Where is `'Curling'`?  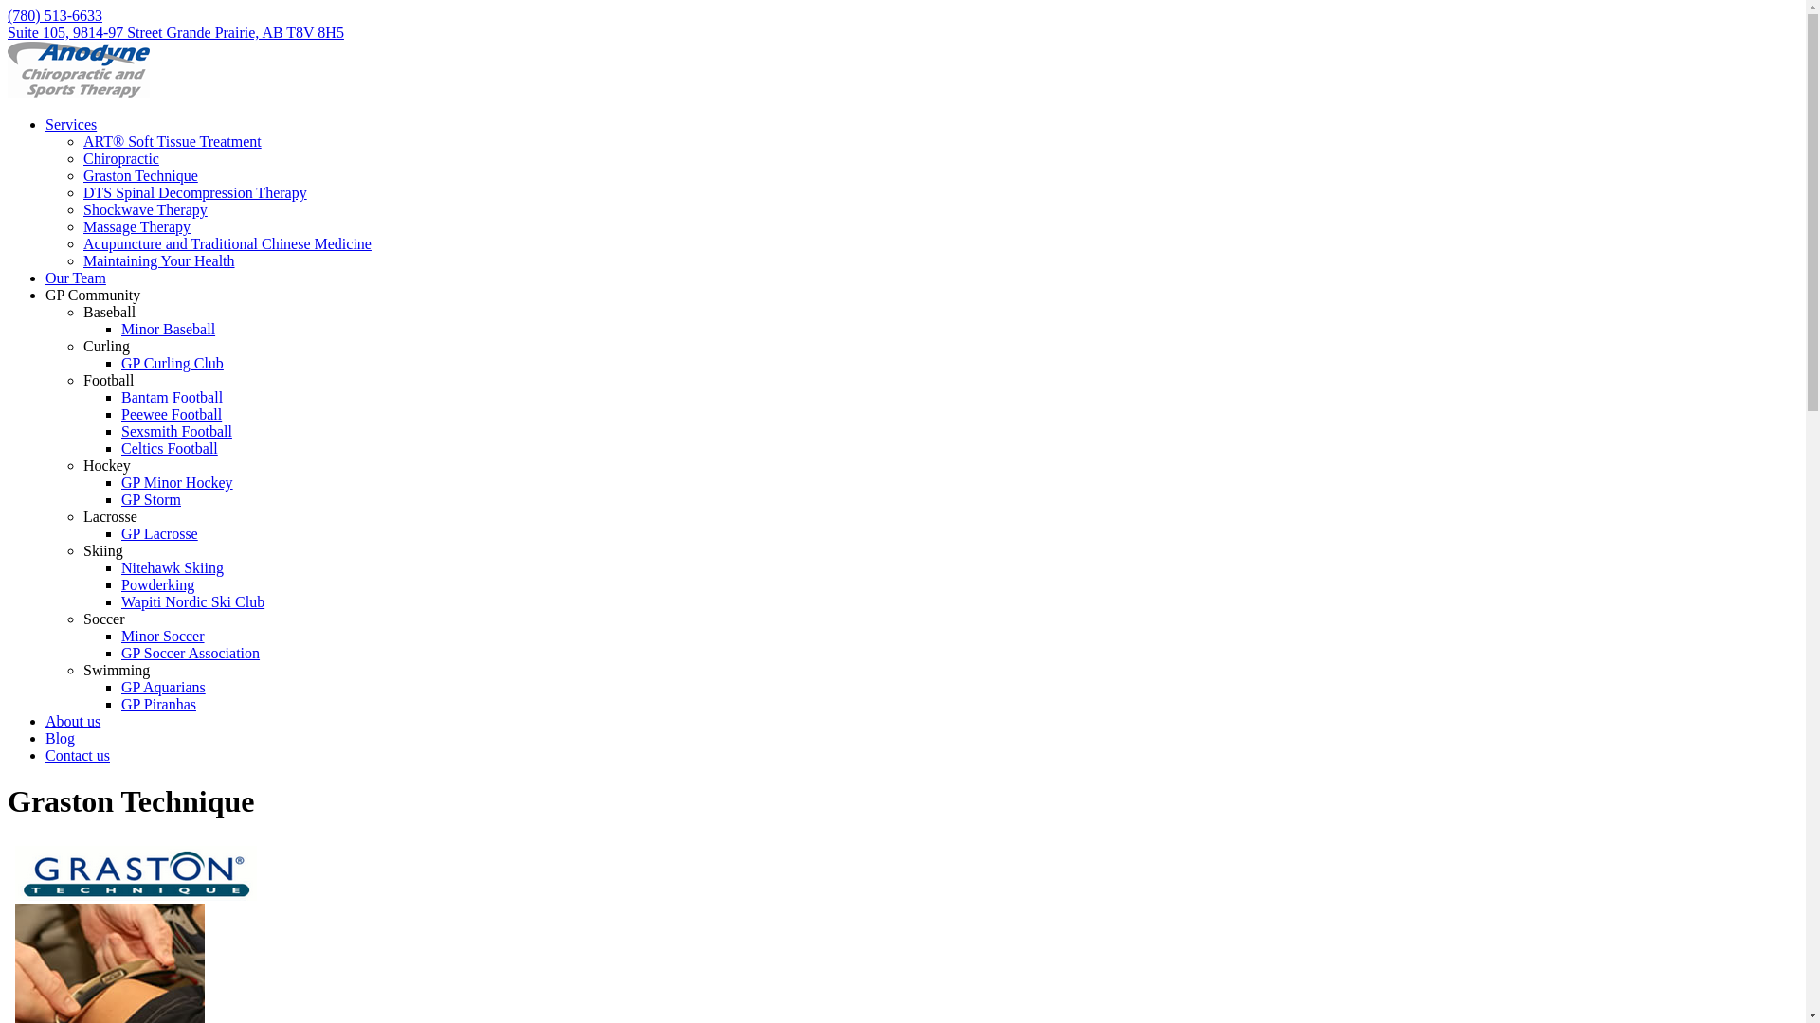
'Curling' is located at coordinates (105, 346).